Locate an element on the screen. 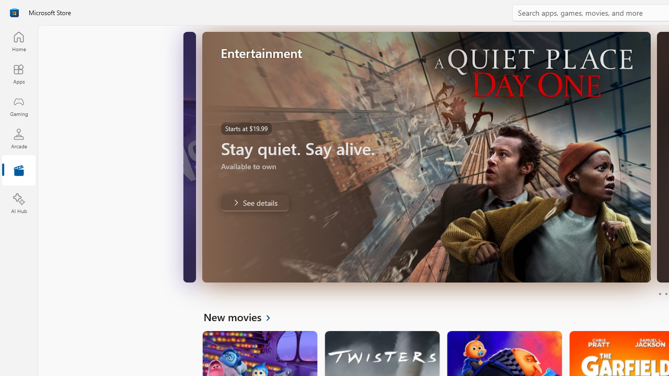 Image resolution: width=669 pixels, height=376 pixels. 'Arcade' is located at coordinates (18, 138).